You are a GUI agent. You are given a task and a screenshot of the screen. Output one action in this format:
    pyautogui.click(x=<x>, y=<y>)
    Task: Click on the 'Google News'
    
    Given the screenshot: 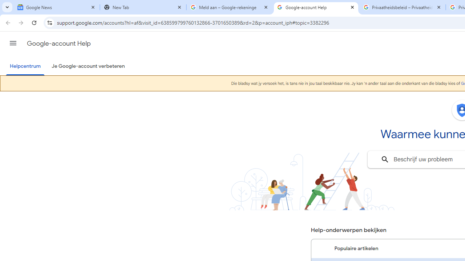 What is the action you would take?
    pyautogui.click(x=56, y=7)
    